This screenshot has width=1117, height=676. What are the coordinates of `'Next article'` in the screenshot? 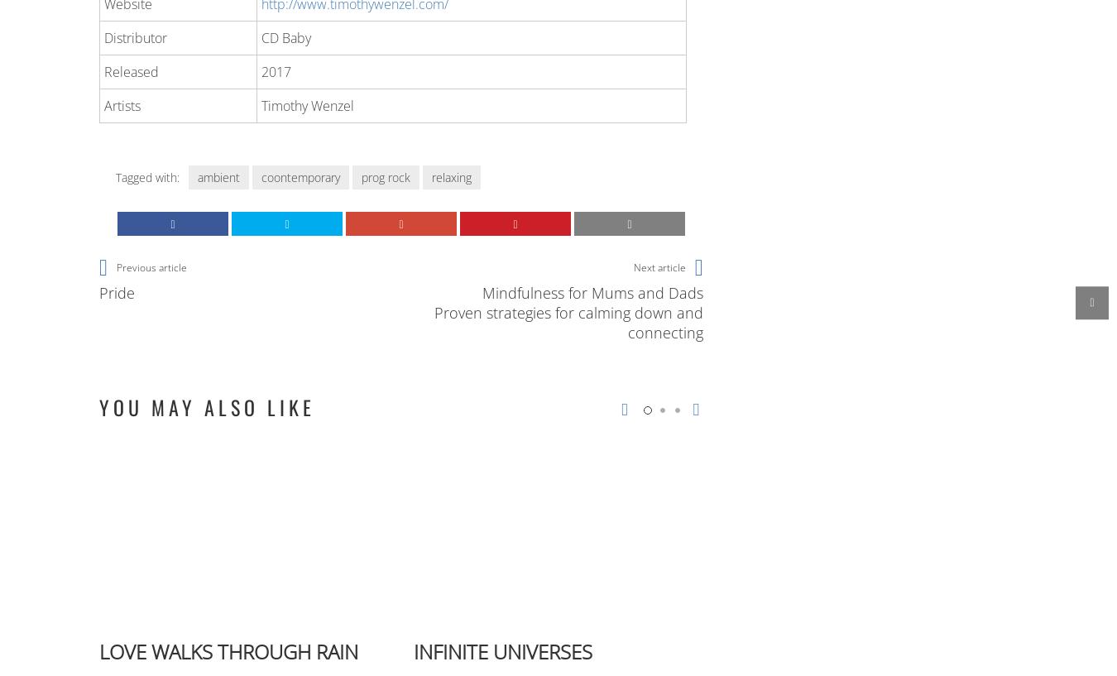 It's located at (632, 267).